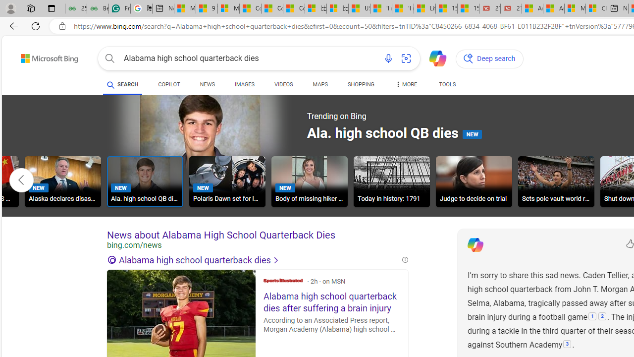 Image resolution: width=634 pixels, height=357 pixels. I want to click on '15 Ways Modern Life Contradicts the Teachings of Jesus', so click(468, 8).